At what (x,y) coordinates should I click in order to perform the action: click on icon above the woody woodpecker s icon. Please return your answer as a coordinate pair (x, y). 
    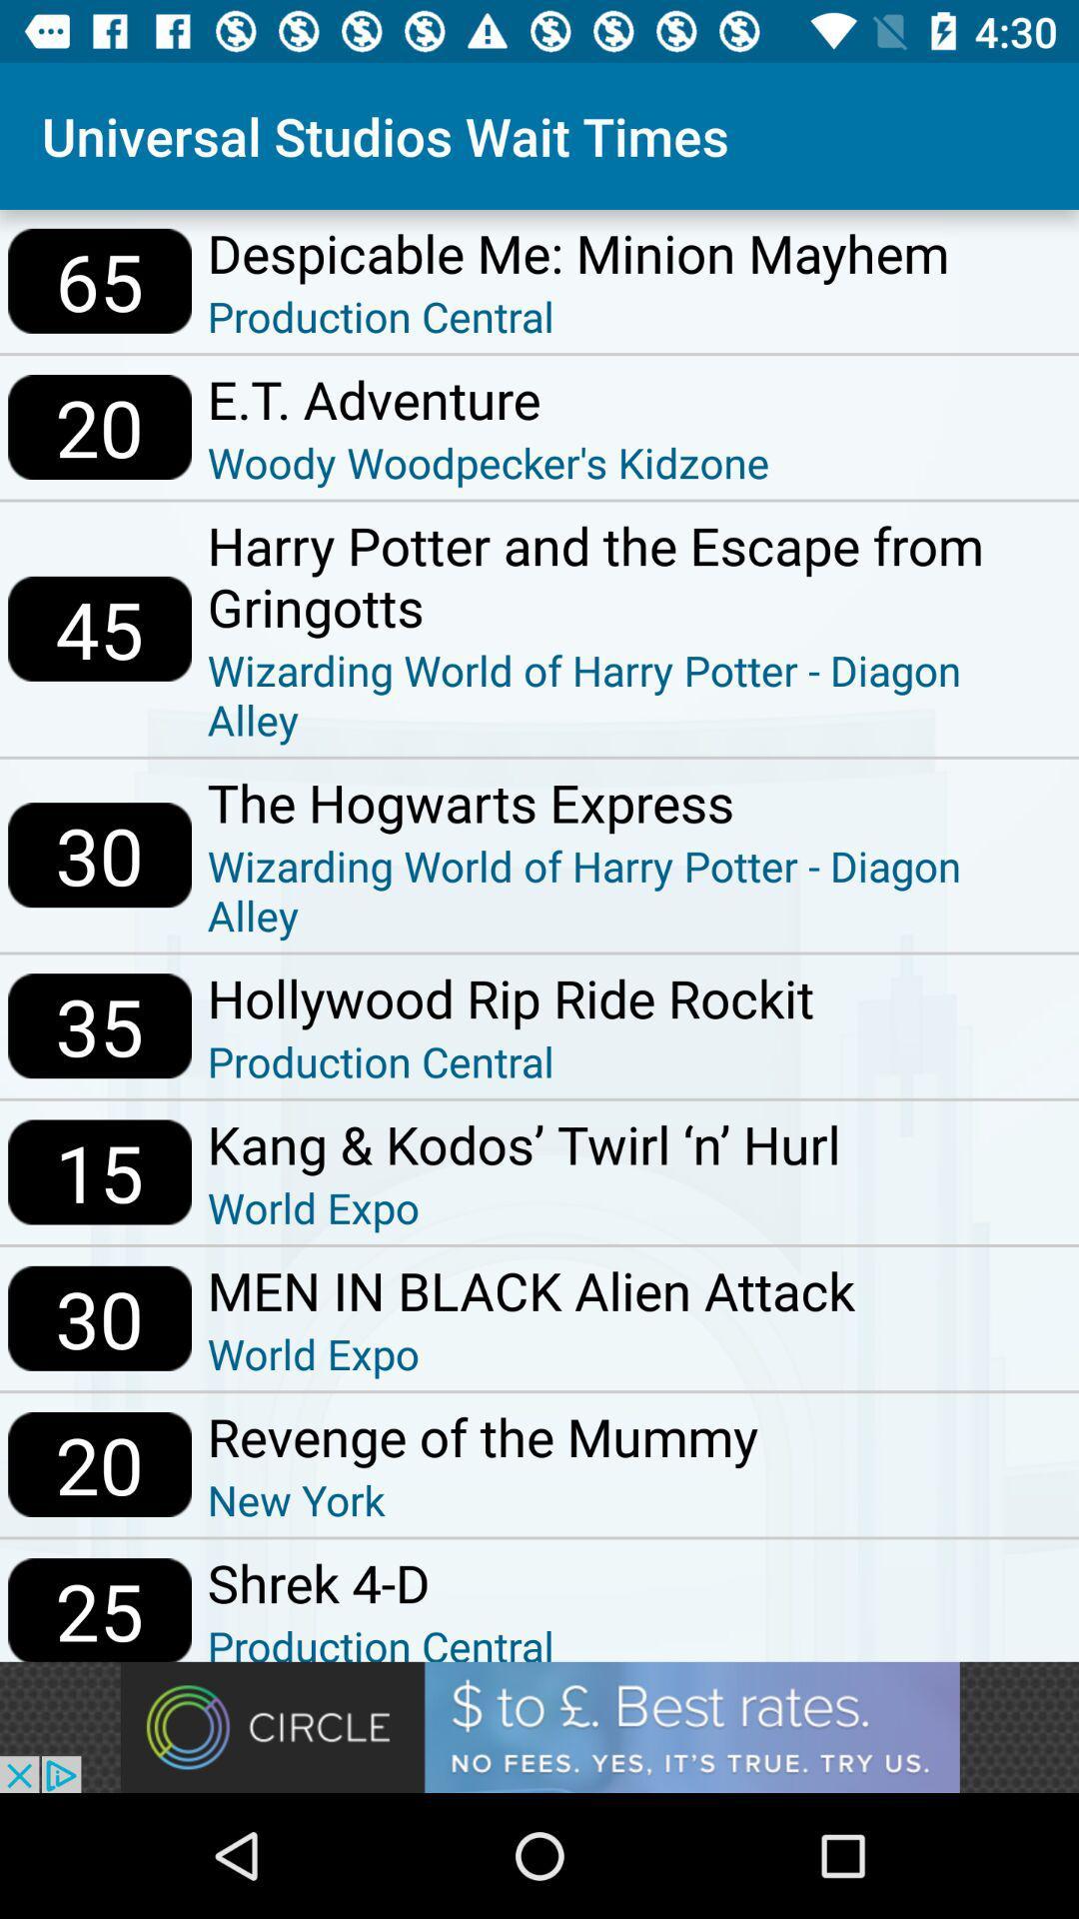
    Looking at the image, I should click on (489, 399).